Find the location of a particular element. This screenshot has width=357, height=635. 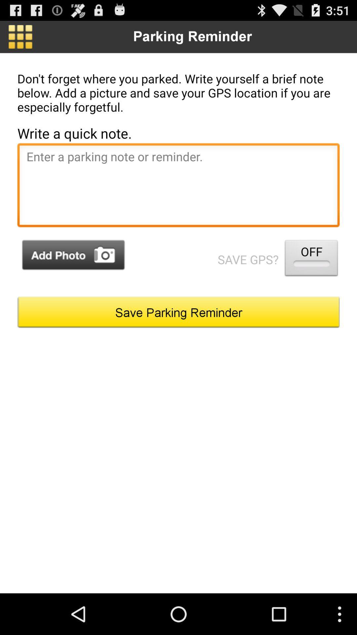

the dashboard icon is located at coordinates (20, 39).